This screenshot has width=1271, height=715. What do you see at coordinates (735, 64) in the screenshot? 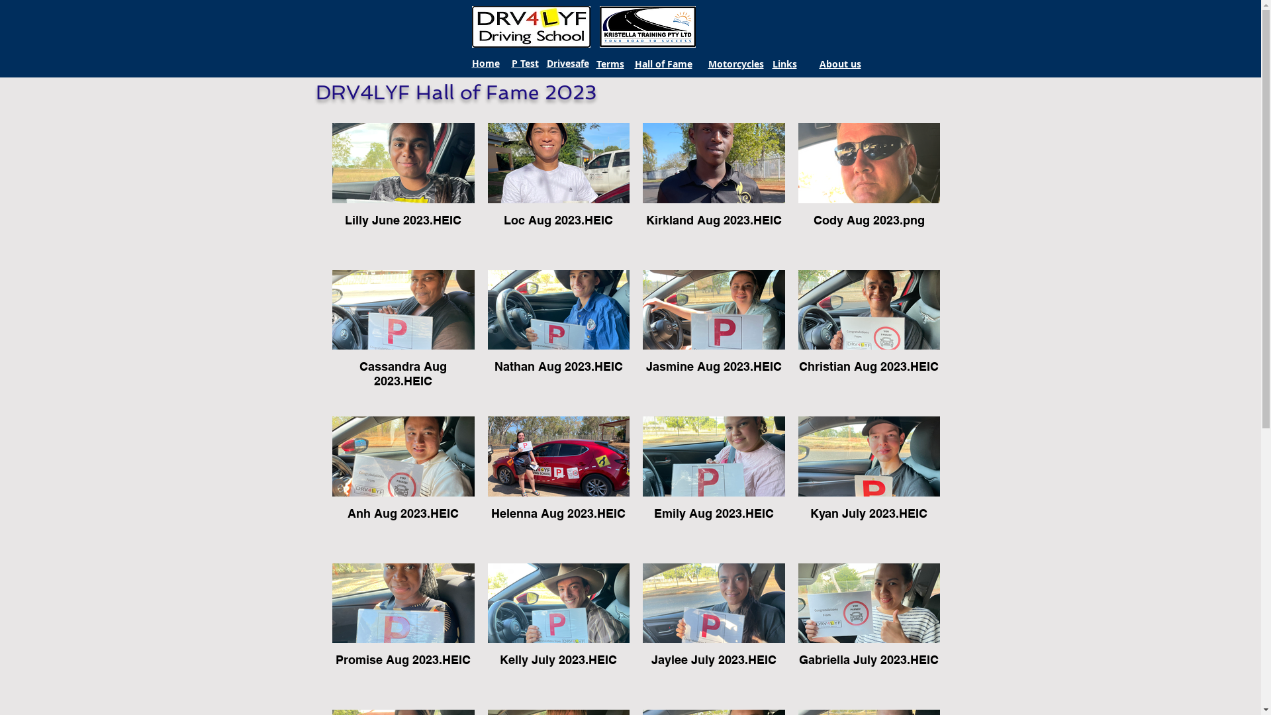
I see `'Motorcycles'` at bounding box center [735, 64].